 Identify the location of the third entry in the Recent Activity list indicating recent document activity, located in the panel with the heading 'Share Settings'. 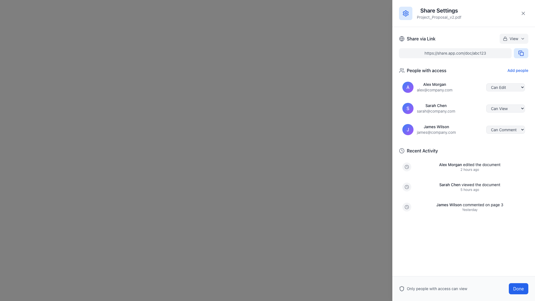
(464, 207).